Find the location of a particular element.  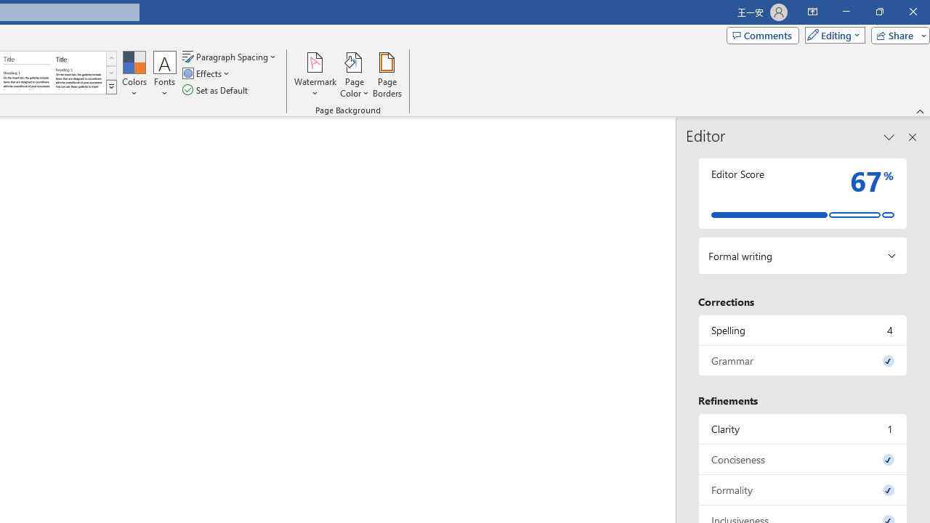

'Ribbon Display Options' is located at coordinates (812, 12).